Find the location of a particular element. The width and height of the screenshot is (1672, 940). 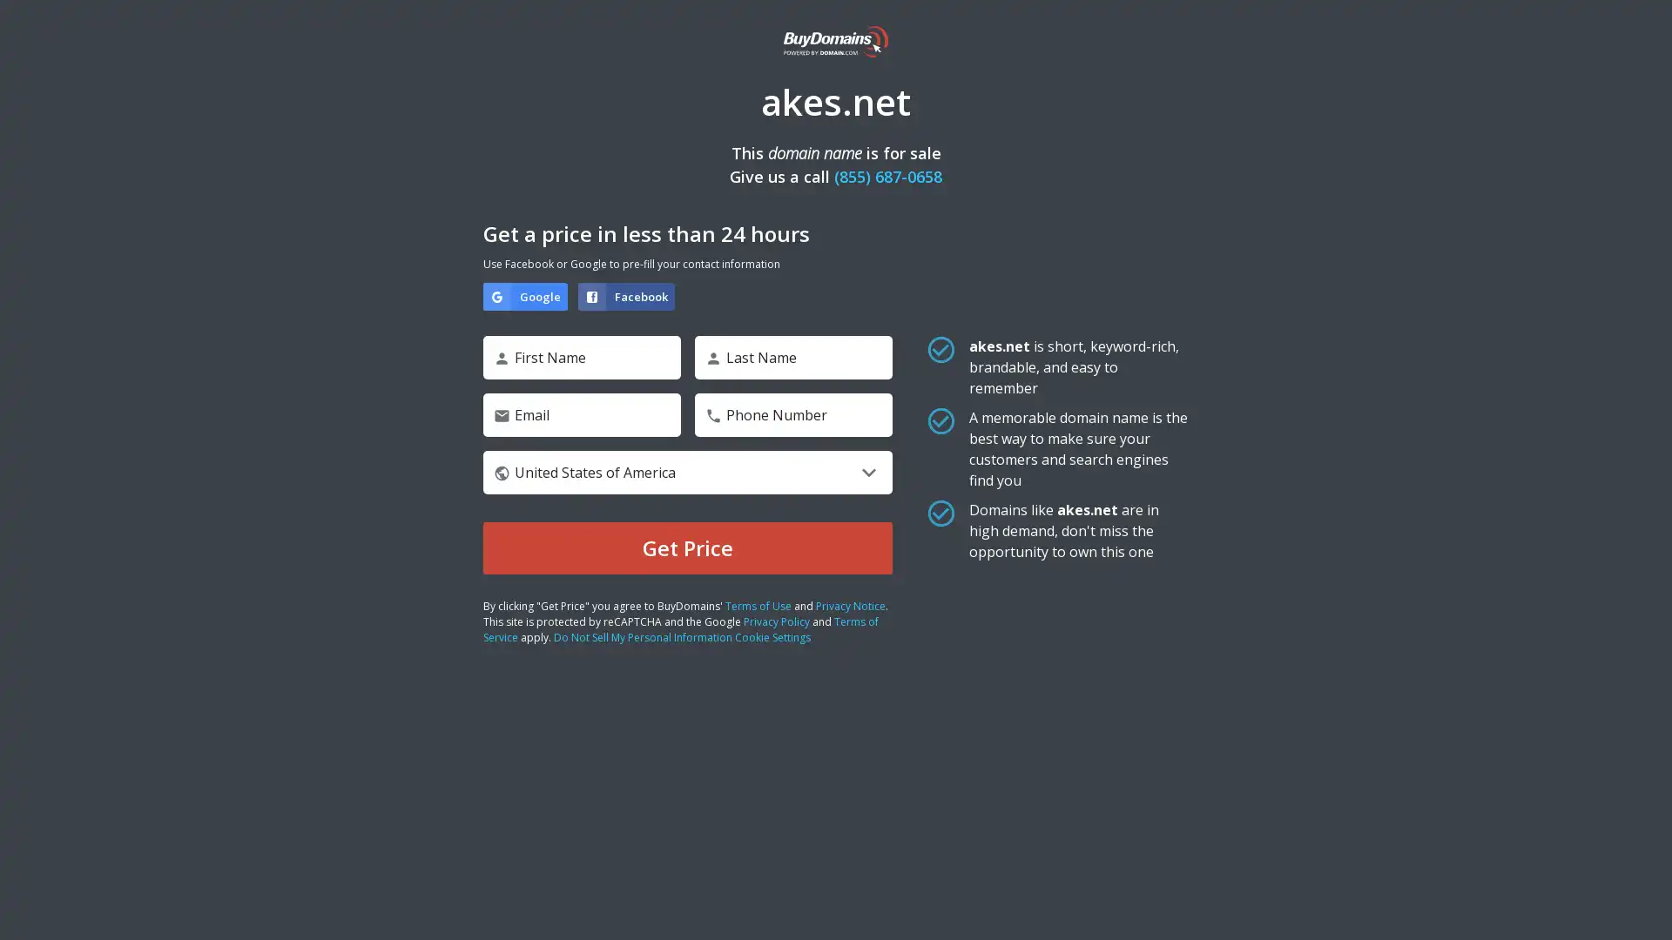

Facebook is located at coordinates (626, 295).